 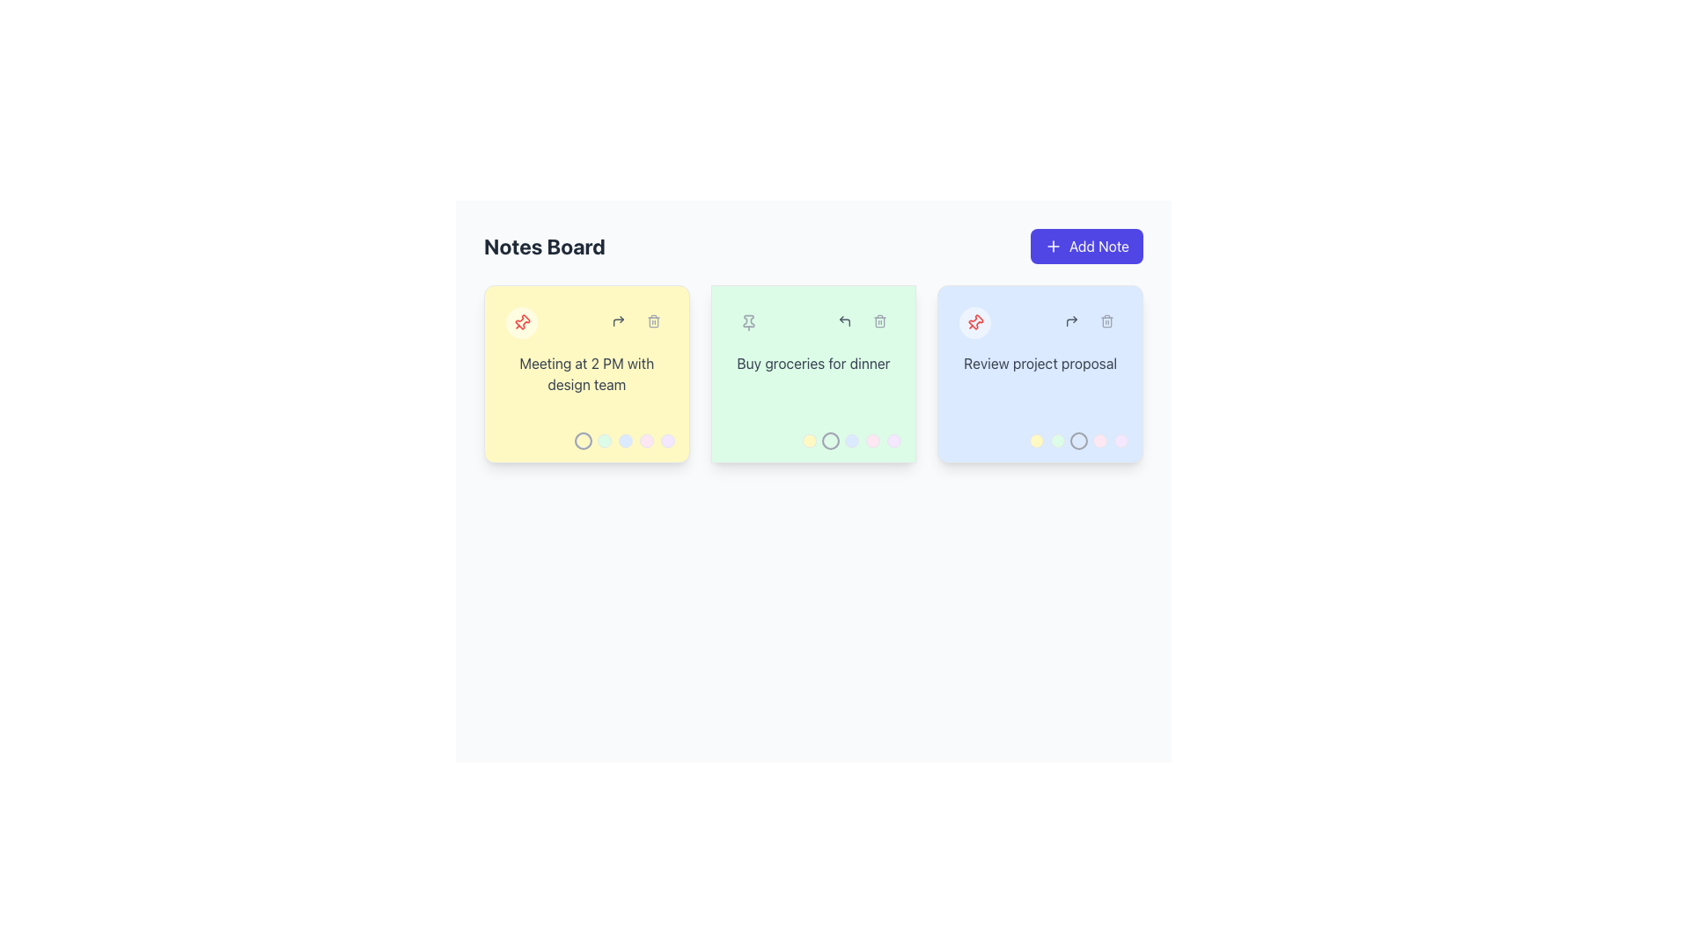 What do you see at coordinates (1071, 321) in the screenshot?
I see `the circular share button with a curved arrow located in the top-right corner of the third note card, which is the second icon in the group of interactive icons` at bounding box center [1071, 321].